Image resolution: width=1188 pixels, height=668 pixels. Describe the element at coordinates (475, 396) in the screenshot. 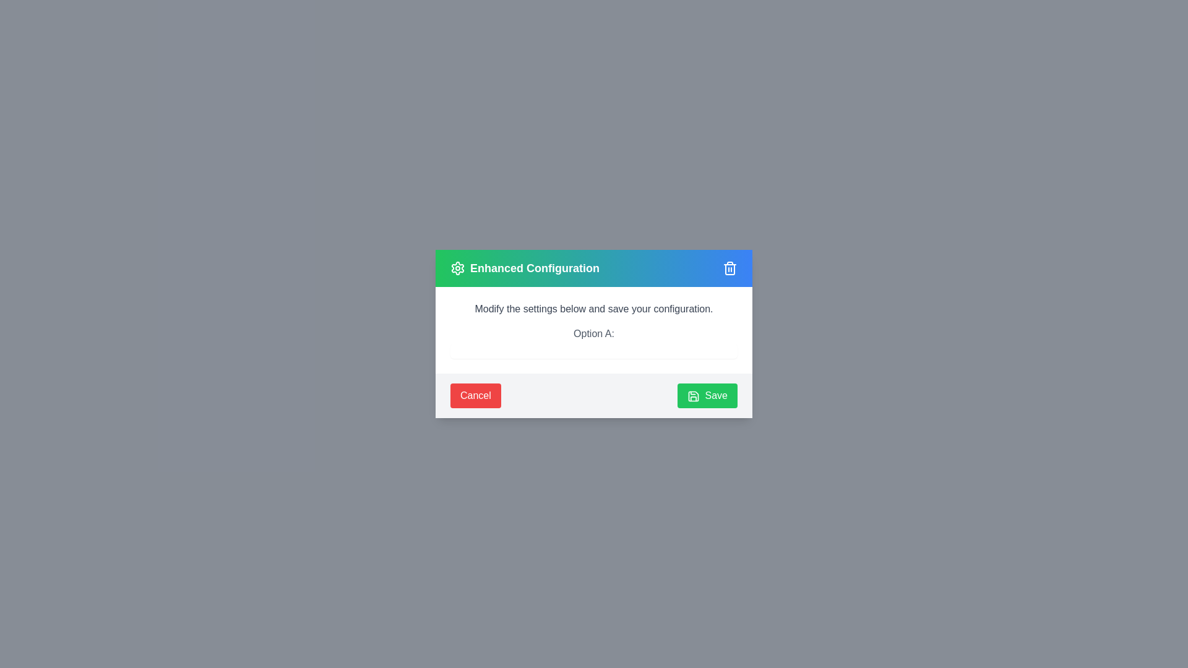

I see `'Cancel' button to close the dialog` at that location.